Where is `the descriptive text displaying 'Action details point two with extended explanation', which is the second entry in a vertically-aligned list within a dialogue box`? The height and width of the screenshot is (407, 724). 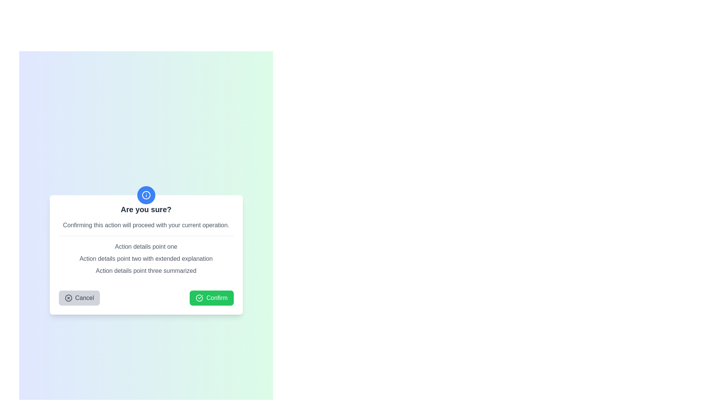 the descriptive text displaying 'Action details point two with extended explanation', which is the second entry in a vertically-aligned list within a dialogue box is located at coordinates (146, 258).